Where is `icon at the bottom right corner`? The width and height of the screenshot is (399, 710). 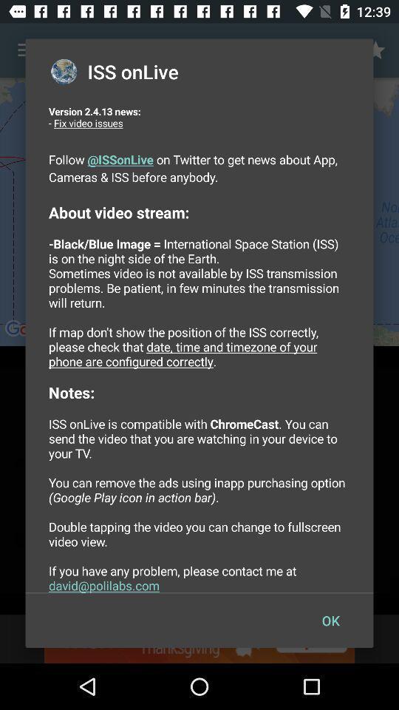 icon at the bottom right corner is located at coordinates (330, 621).